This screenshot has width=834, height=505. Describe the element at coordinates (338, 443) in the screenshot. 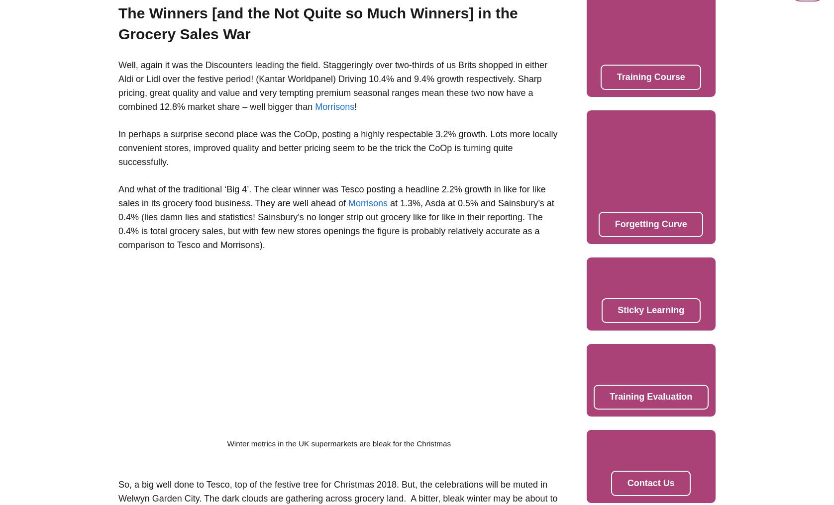

I see `'Winter metrics in the UK supermarkets are bleak for the Christmas'` at that location.